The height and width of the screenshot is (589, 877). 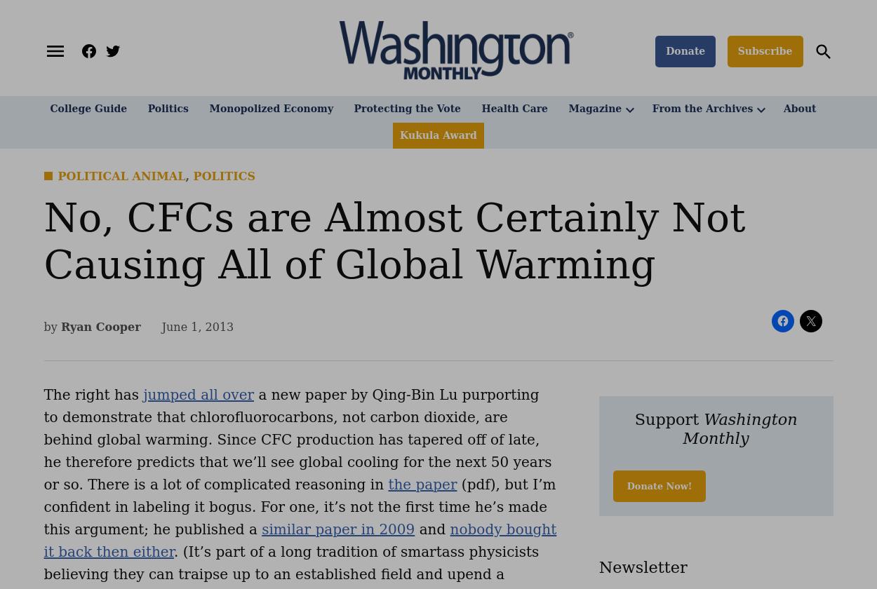 I want to click on 'Political Animal', so click(x=121, y=176).